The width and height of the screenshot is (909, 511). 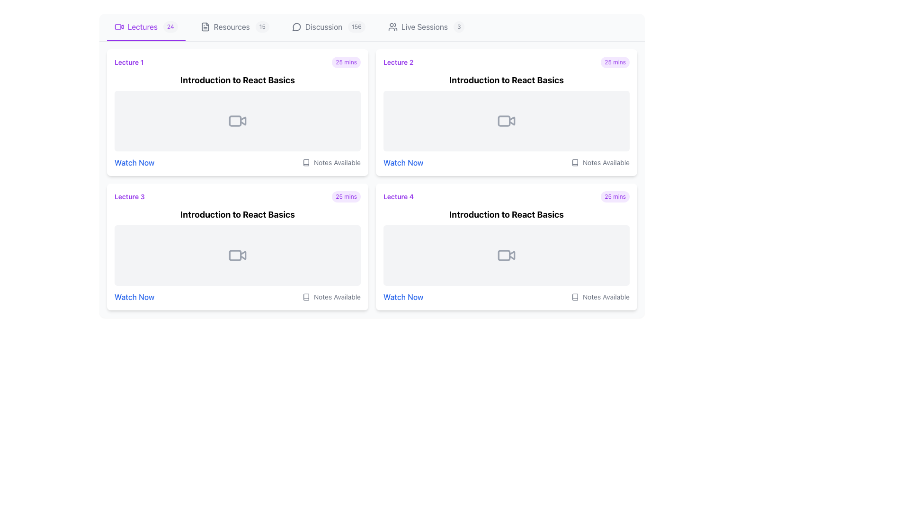 I want to click on the video icon, which is a gray rectangular box with rounded edges and a play button, located below the 'Introduction to React Basics' text in the third lecture card, so click(x=238, y=255).